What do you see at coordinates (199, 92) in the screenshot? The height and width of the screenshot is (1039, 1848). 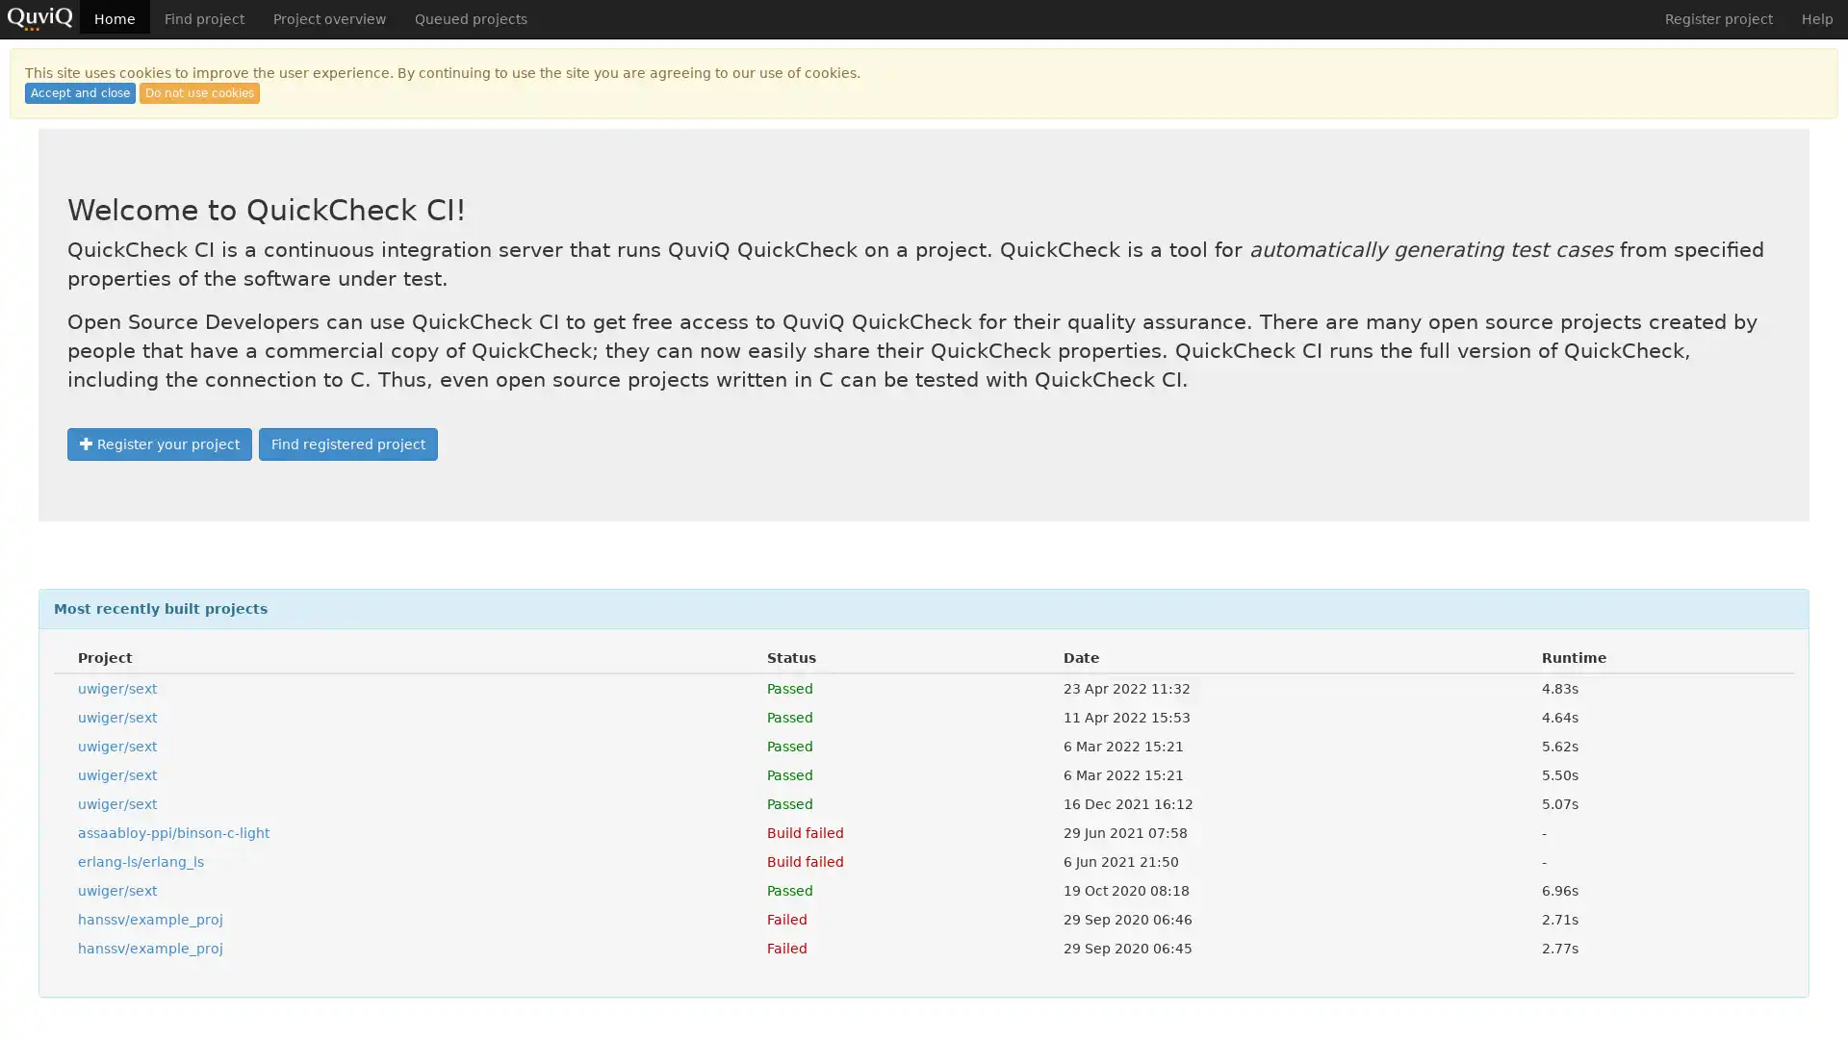 I see `Do not use cookies` at bounding box center [199, 92].